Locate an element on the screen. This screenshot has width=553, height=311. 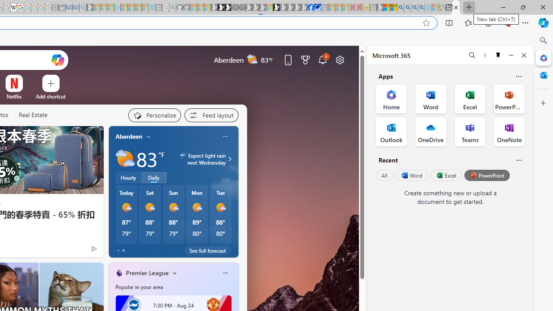
'More interests' is located at coordinates (174, 273).